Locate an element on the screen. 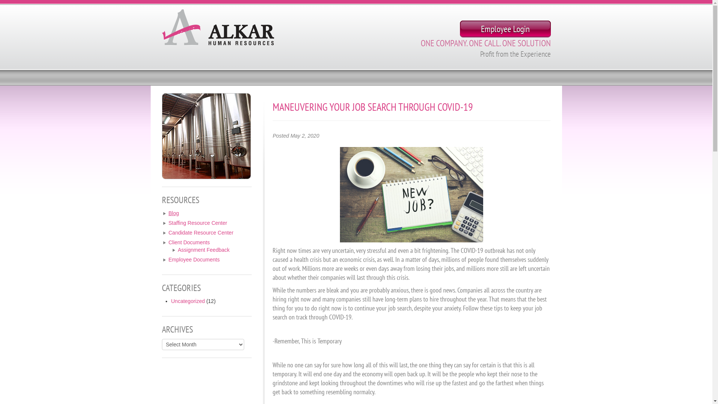 Image resolution: width=718 pixels, height=404 pixels. 'Employee Login' is located at coordinates (459, 28).